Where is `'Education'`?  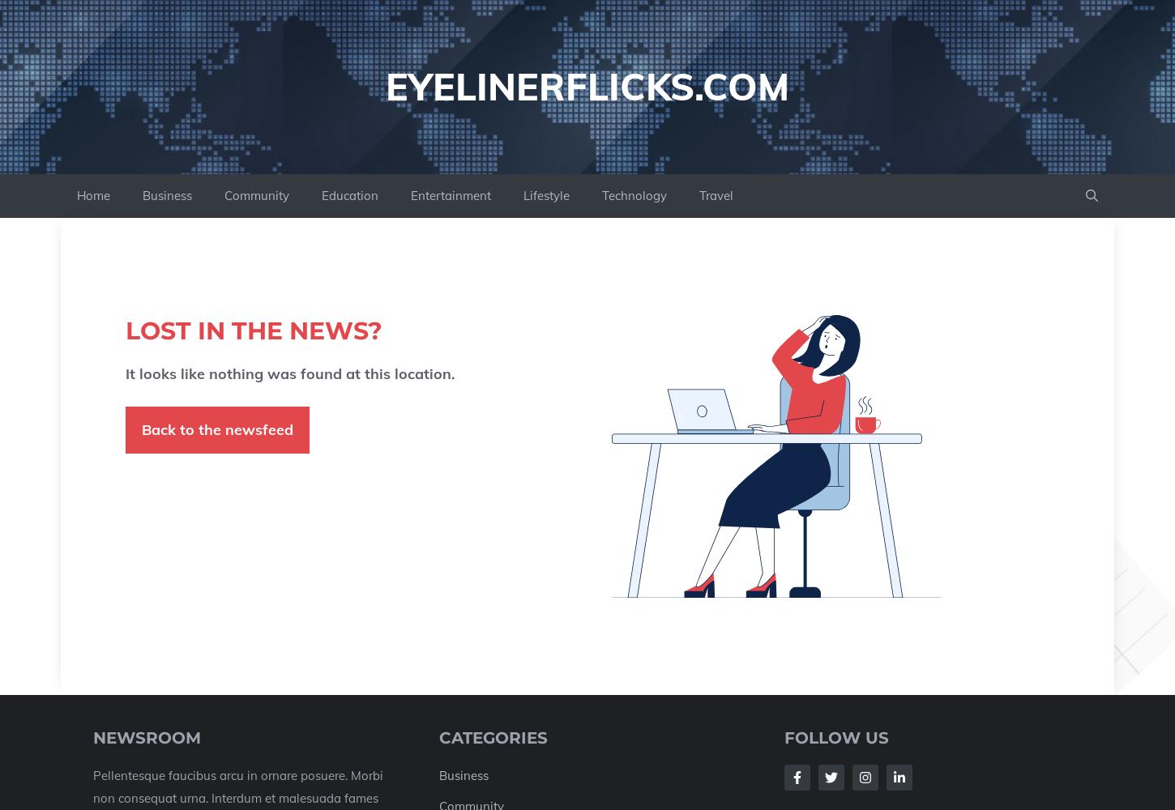 'Education' is located at coordinates (348, 194).